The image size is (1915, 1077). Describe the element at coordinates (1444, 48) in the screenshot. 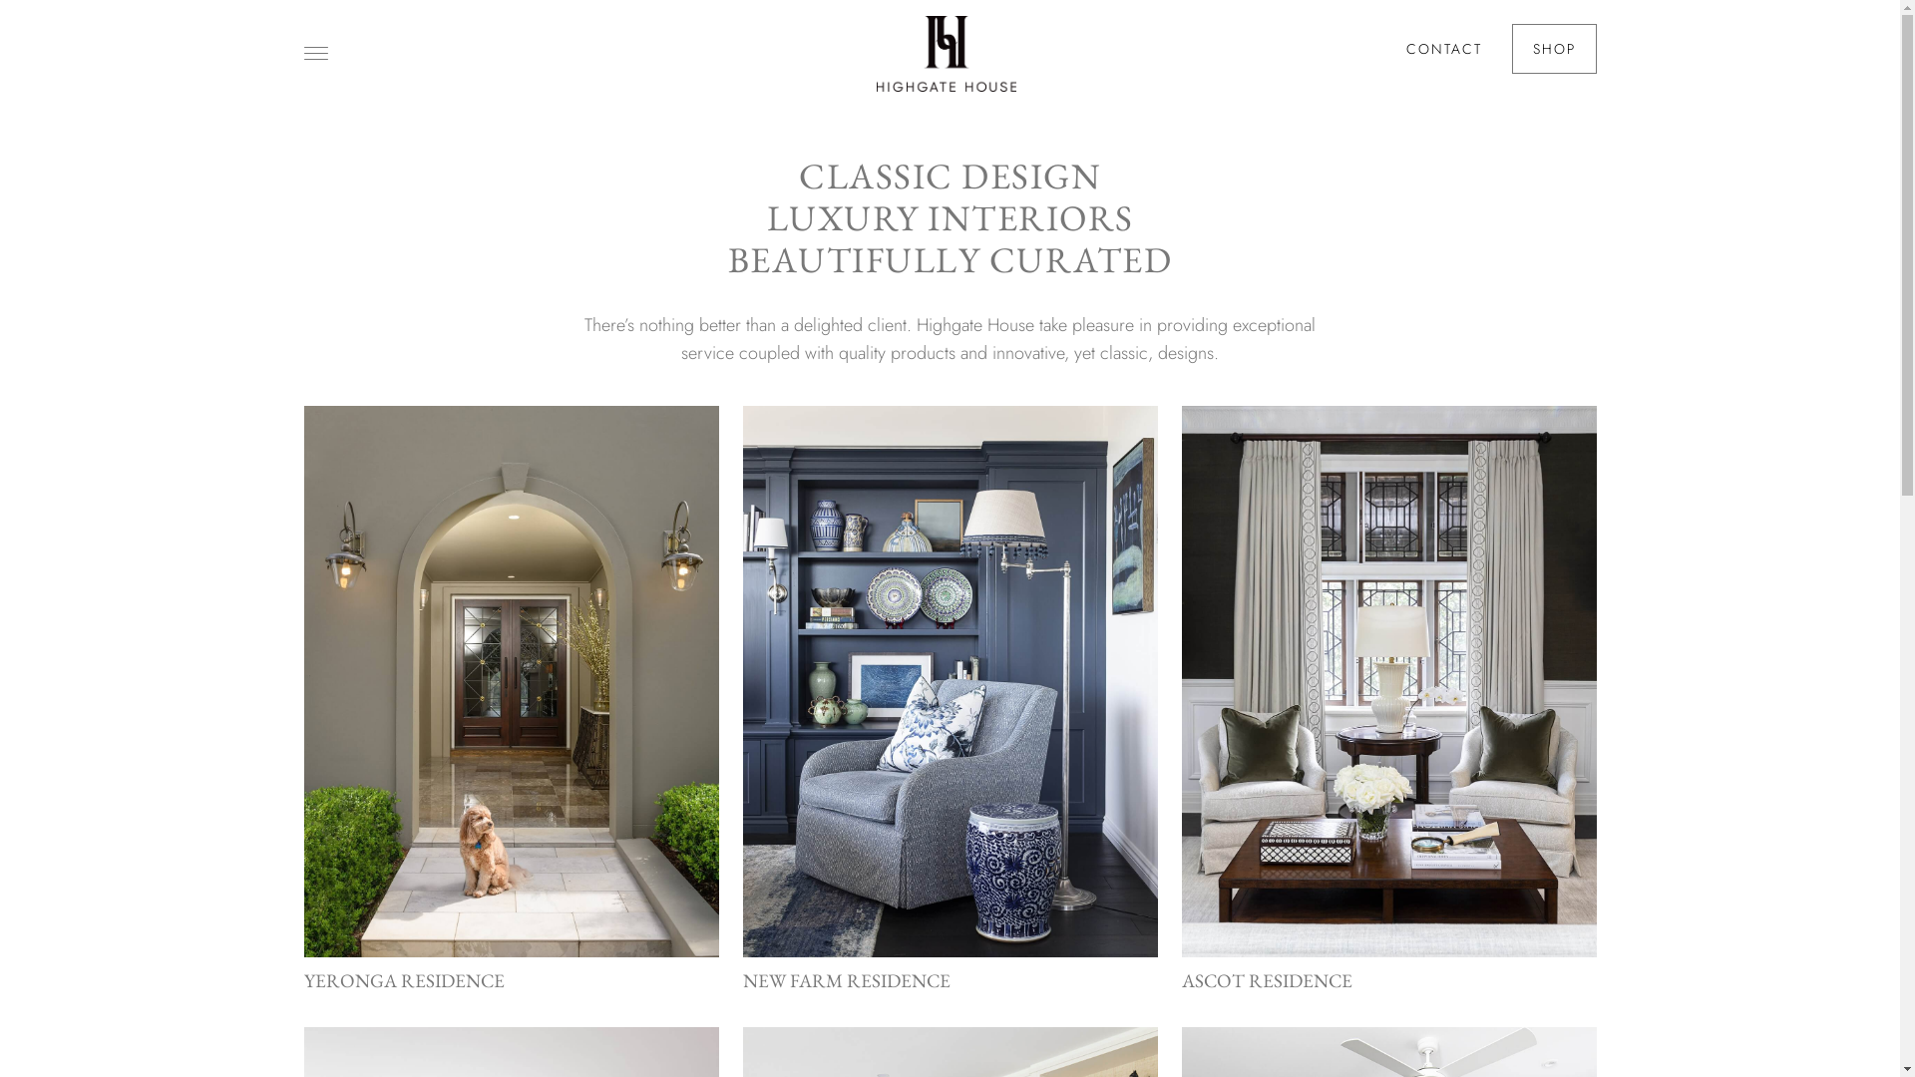

I see `'CONTACT'` at that location.